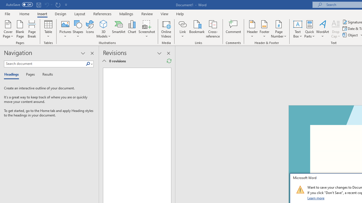 The image size is (362, 203). What do you see at coordinates (180, 14) in the screenshot?
I see `'Help'` at bounding box center [180, 14].